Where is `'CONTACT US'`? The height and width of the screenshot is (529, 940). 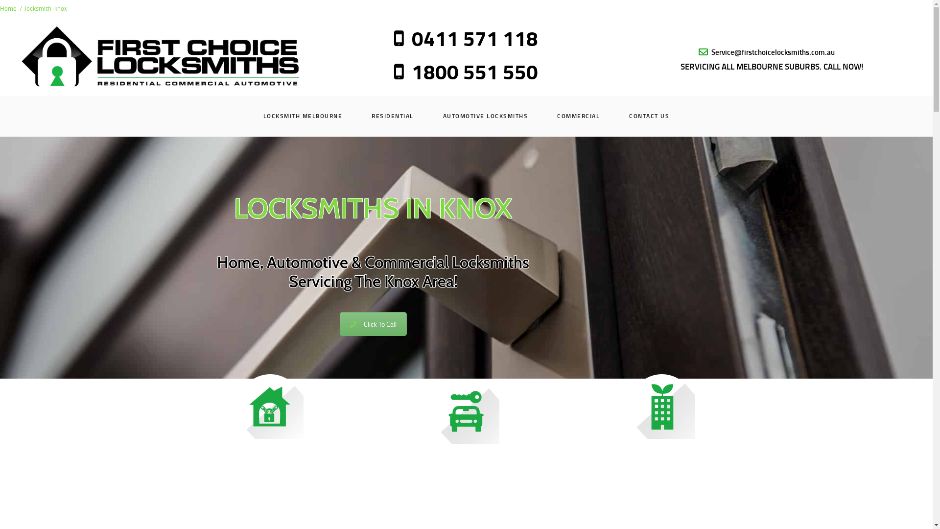 'CONTACT US' is located at coordinates (649, 115).